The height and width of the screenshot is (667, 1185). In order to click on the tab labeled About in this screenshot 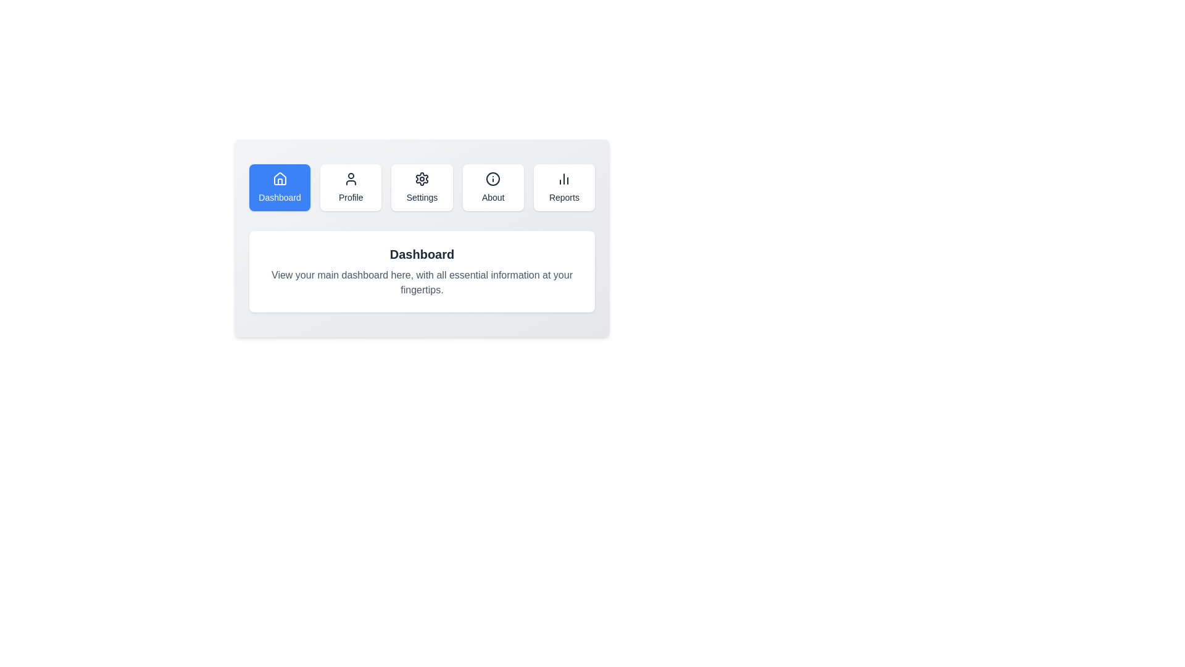, I will do `click(493, 188)`.